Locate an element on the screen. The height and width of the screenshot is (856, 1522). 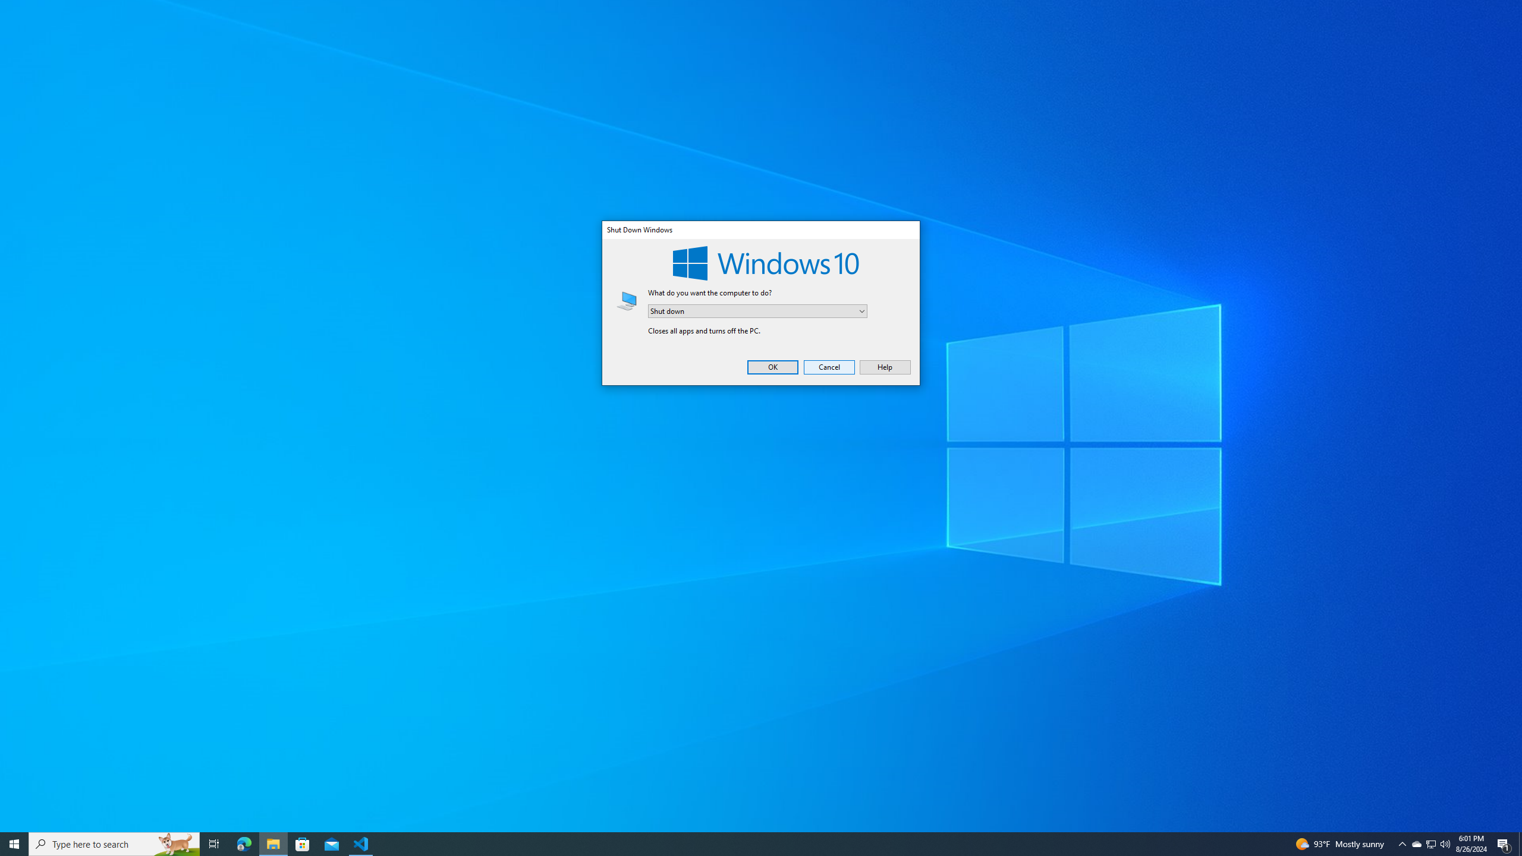
'OK' is located at coordinates (773, 366).